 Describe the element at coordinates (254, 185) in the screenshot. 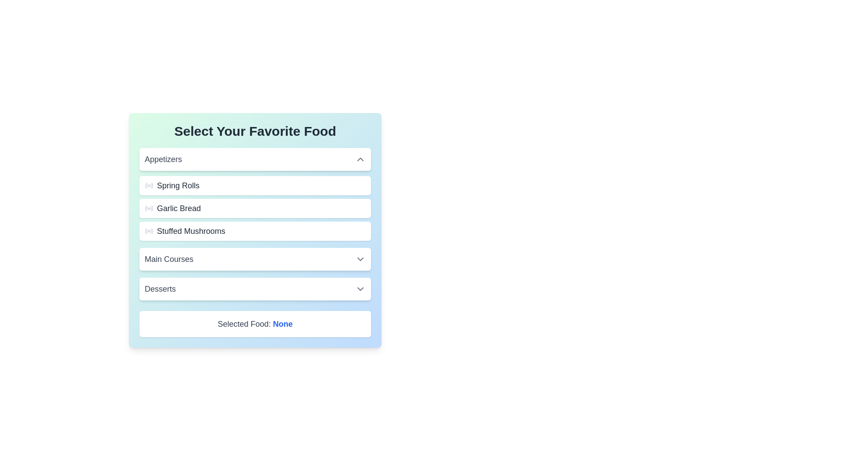

I see `the 'Spring Rolls' selectable item in the appetizers list to navigate through options` at that location.